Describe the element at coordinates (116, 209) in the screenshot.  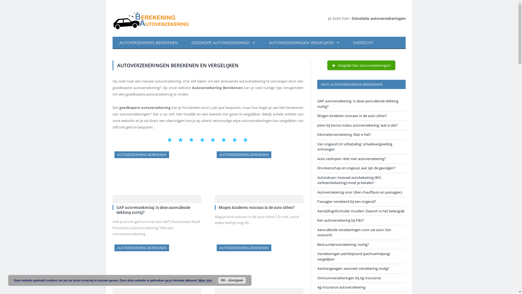
I see `'GAP autoverzekering: Is deze aanvullende dekking nuttig?'` at that location.